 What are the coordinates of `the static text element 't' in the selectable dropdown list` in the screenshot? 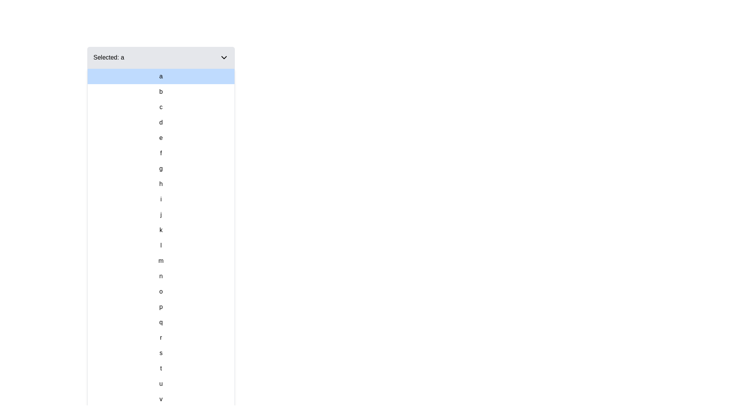 It's located at (160, 368).